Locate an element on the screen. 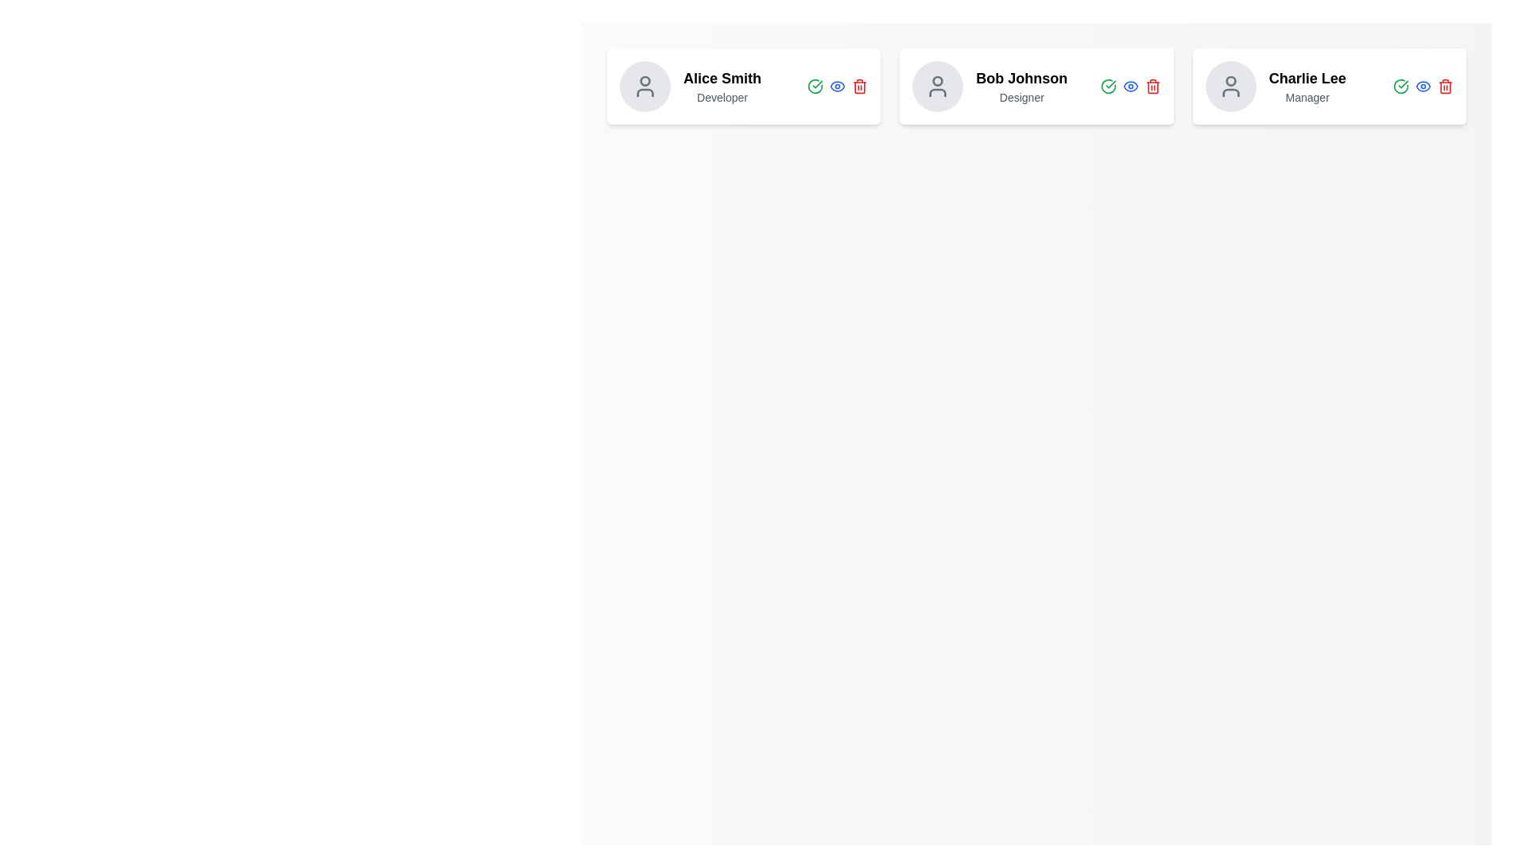 The width and height of the screenshot is (1526, 858). the blue eye icon button, which is the second button from the left in the card's top-right action buttons section is located at coordinates (837, 86).